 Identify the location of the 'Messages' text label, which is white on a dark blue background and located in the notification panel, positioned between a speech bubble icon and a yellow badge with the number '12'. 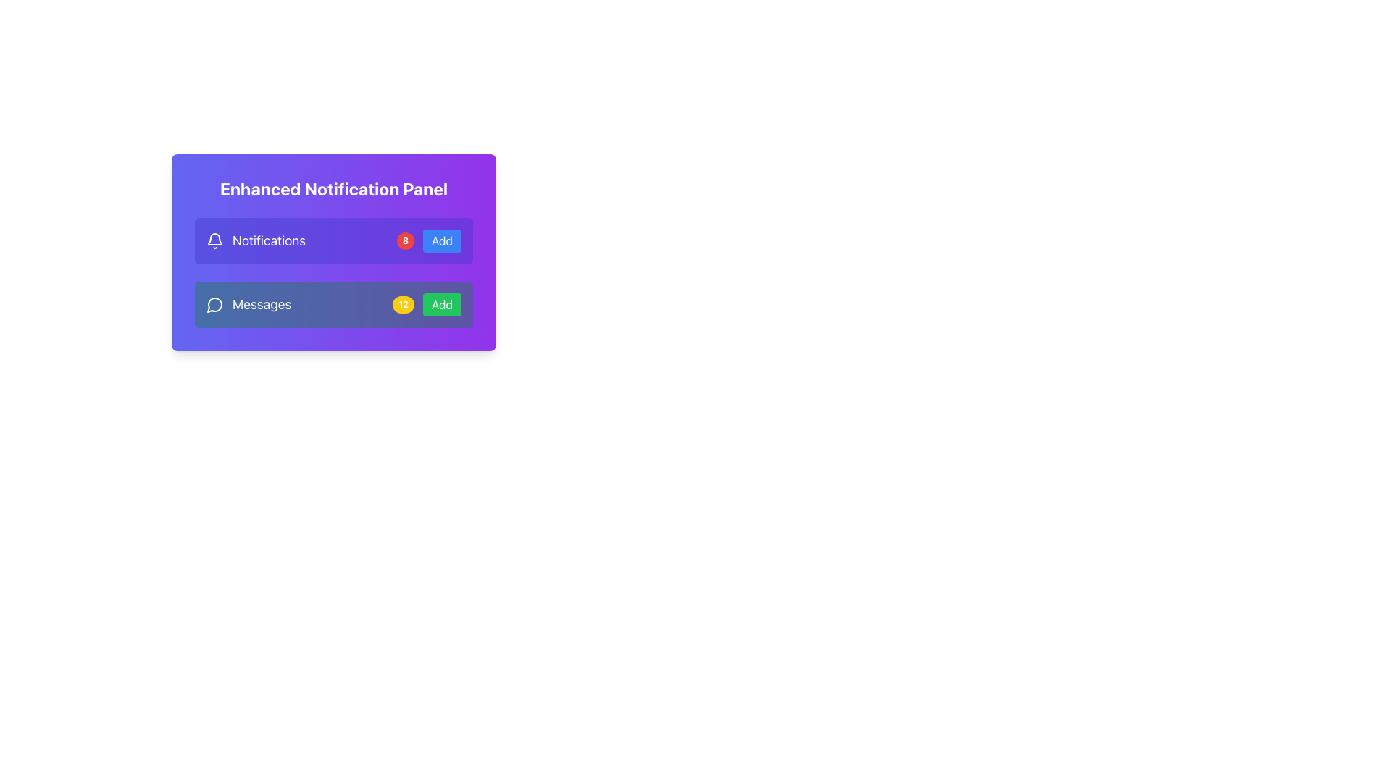
(262, 303).